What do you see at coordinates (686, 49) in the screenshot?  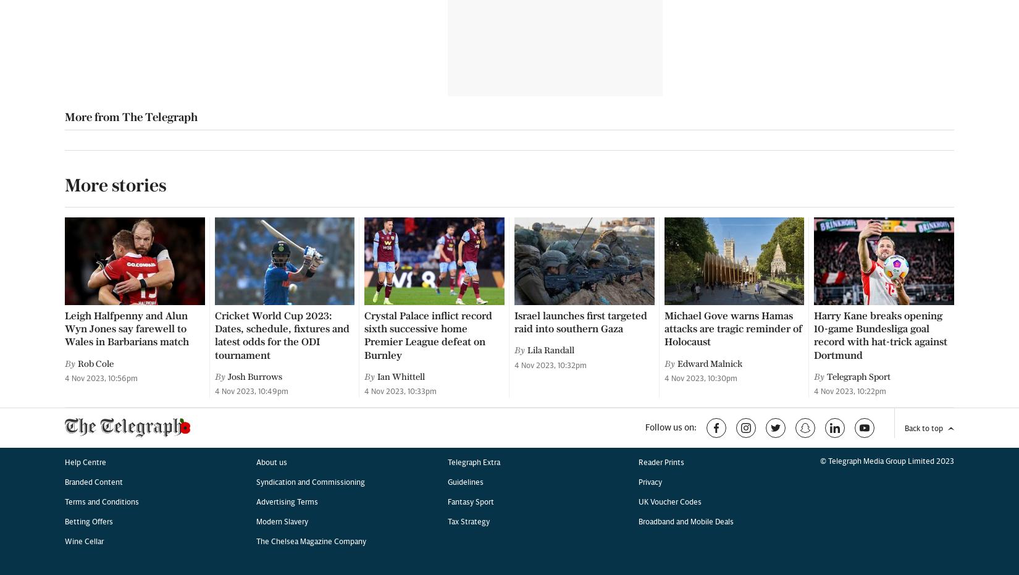 I see `'Broadband and Mobile Deals'` at bounding box center [686, 49].